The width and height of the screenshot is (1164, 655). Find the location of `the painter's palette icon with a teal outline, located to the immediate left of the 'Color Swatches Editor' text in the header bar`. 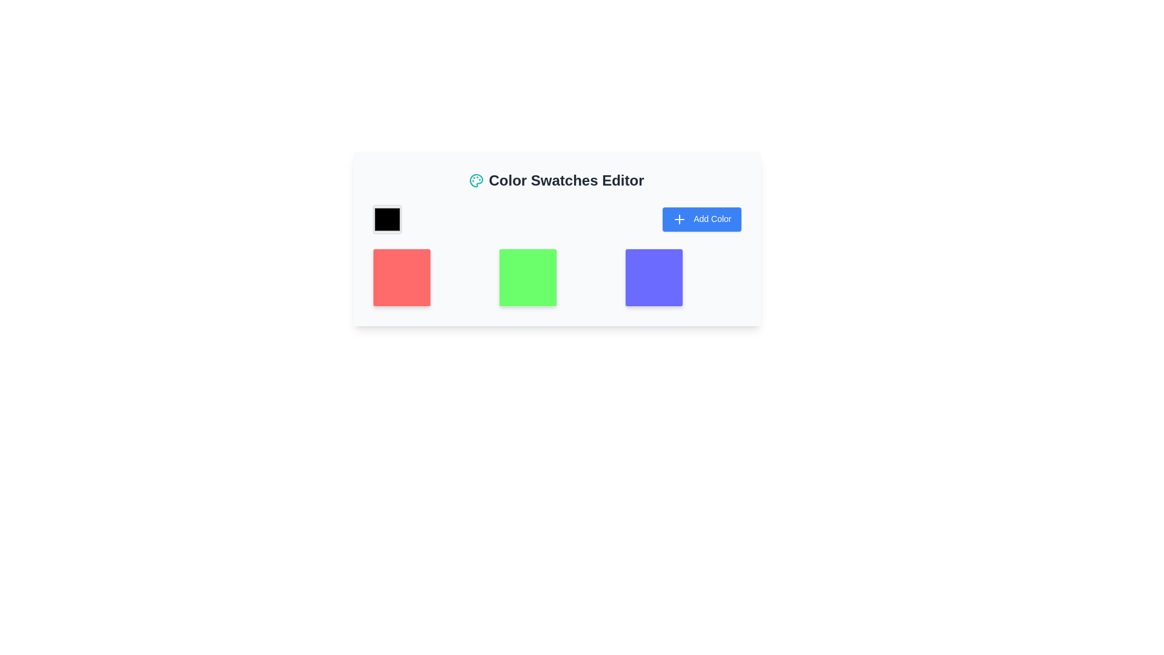

the painter's palette icon with a teal outline, located to the immediate left of the 'Color Swatches Editor' text in the header bar is located at coordinates (476, 180).